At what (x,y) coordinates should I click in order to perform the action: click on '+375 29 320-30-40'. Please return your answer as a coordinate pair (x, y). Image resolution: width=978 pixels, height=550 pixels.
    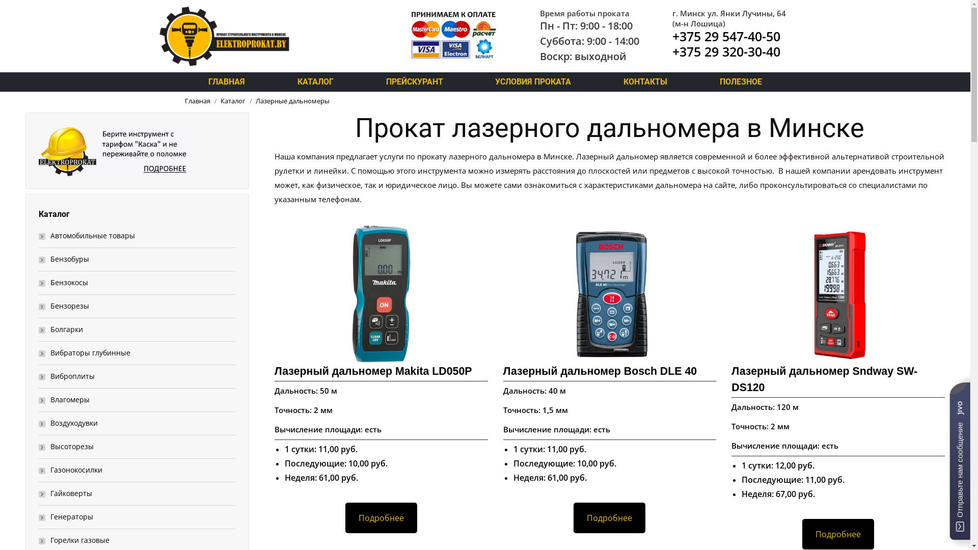
    Looking at the image, I should click on (725, 51).